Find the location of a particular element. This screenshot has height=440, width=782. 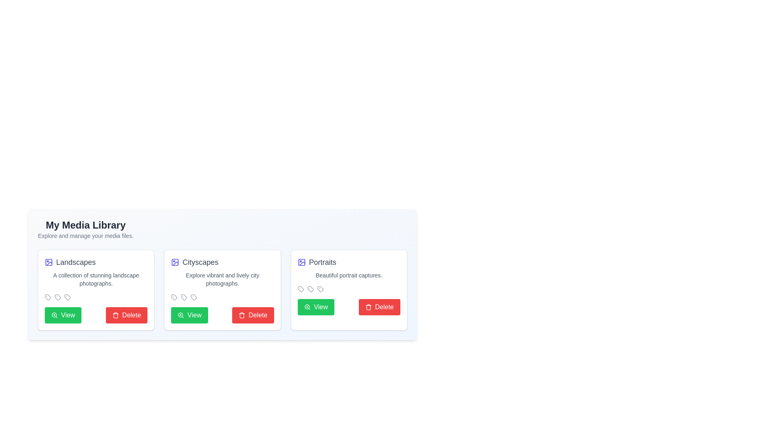

the Icon representing the Portraits category, located at the top-left corner of the Portraits card, which is the third card in a row of three cards labeled 'Landscapes', 'Cityscapes', and 'Portraits' is located at coordinates (301, 262).